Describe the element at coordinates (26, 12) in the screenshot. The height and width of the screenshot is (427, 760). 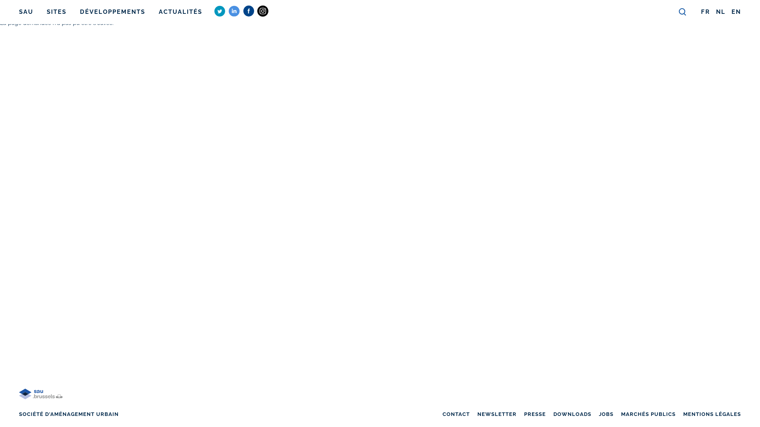
I see `'SAU'` at that location.